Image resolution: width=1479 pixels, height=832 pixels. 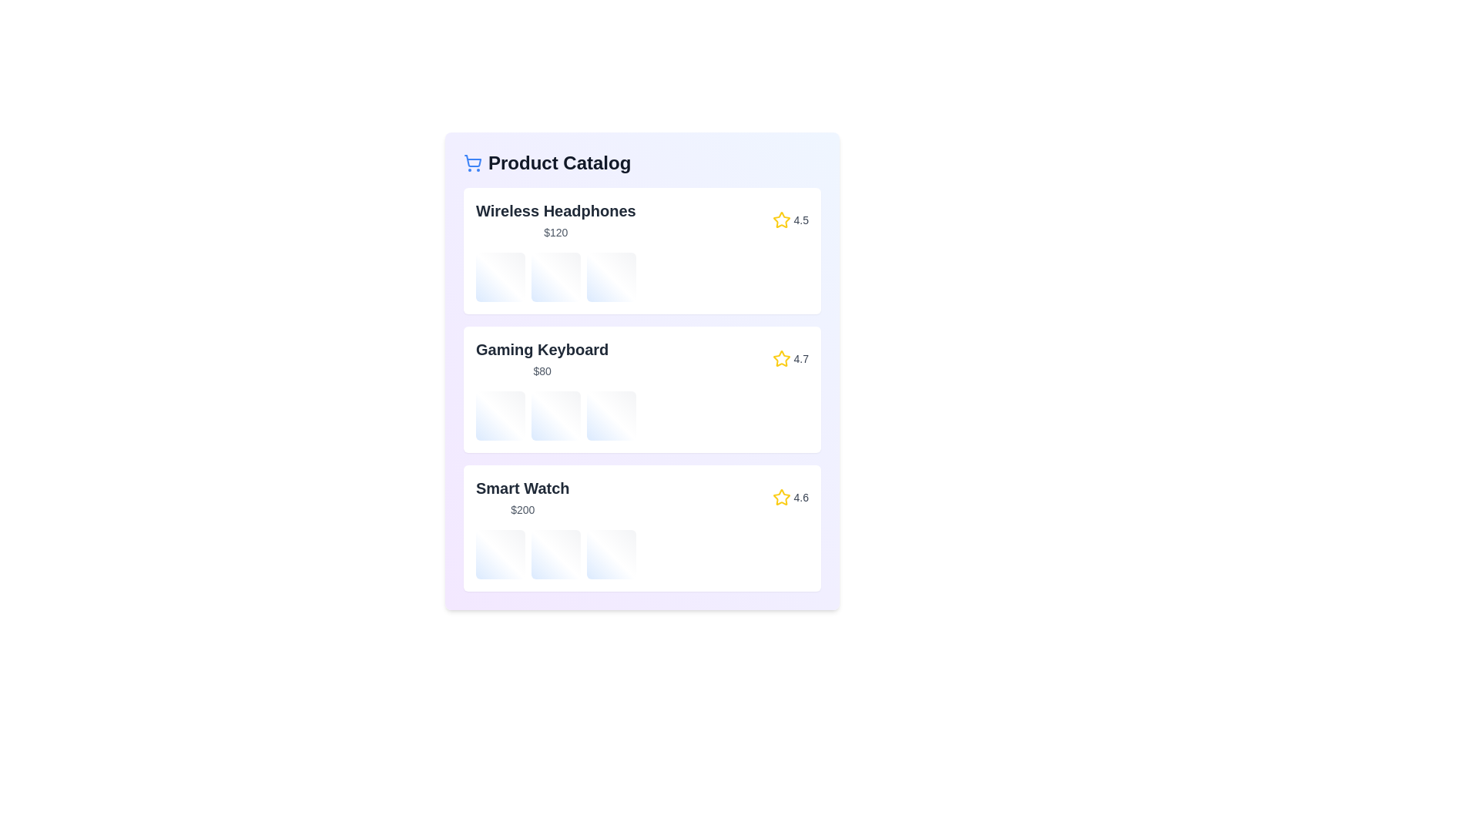 I want to click on the star corresponding to the desired rating 4 for the product, so click(x=808, y=220).